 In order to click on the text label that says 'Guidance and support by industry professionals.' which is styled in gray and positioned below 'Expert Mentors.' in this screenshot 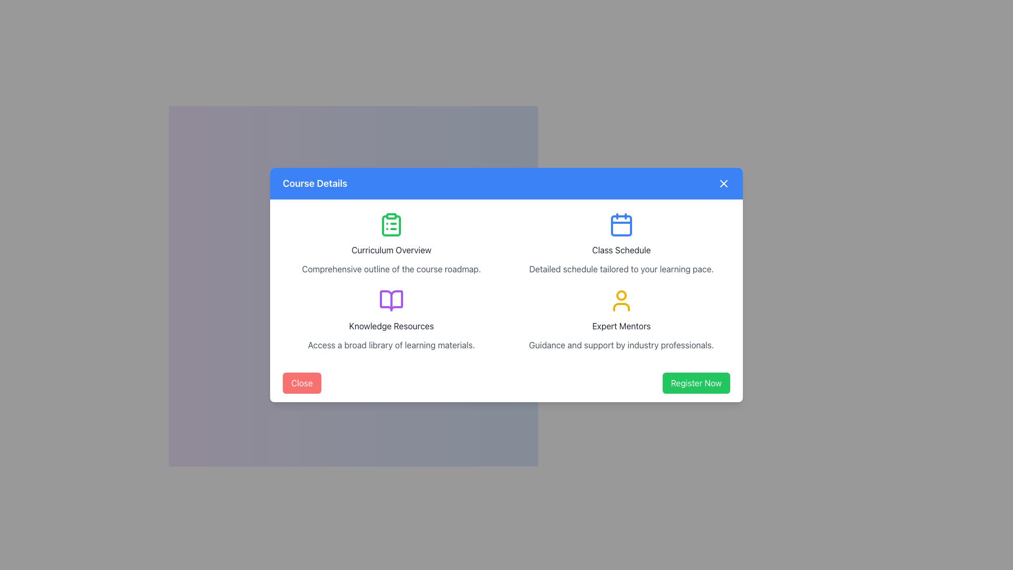, I will do `click(621, 345)`.